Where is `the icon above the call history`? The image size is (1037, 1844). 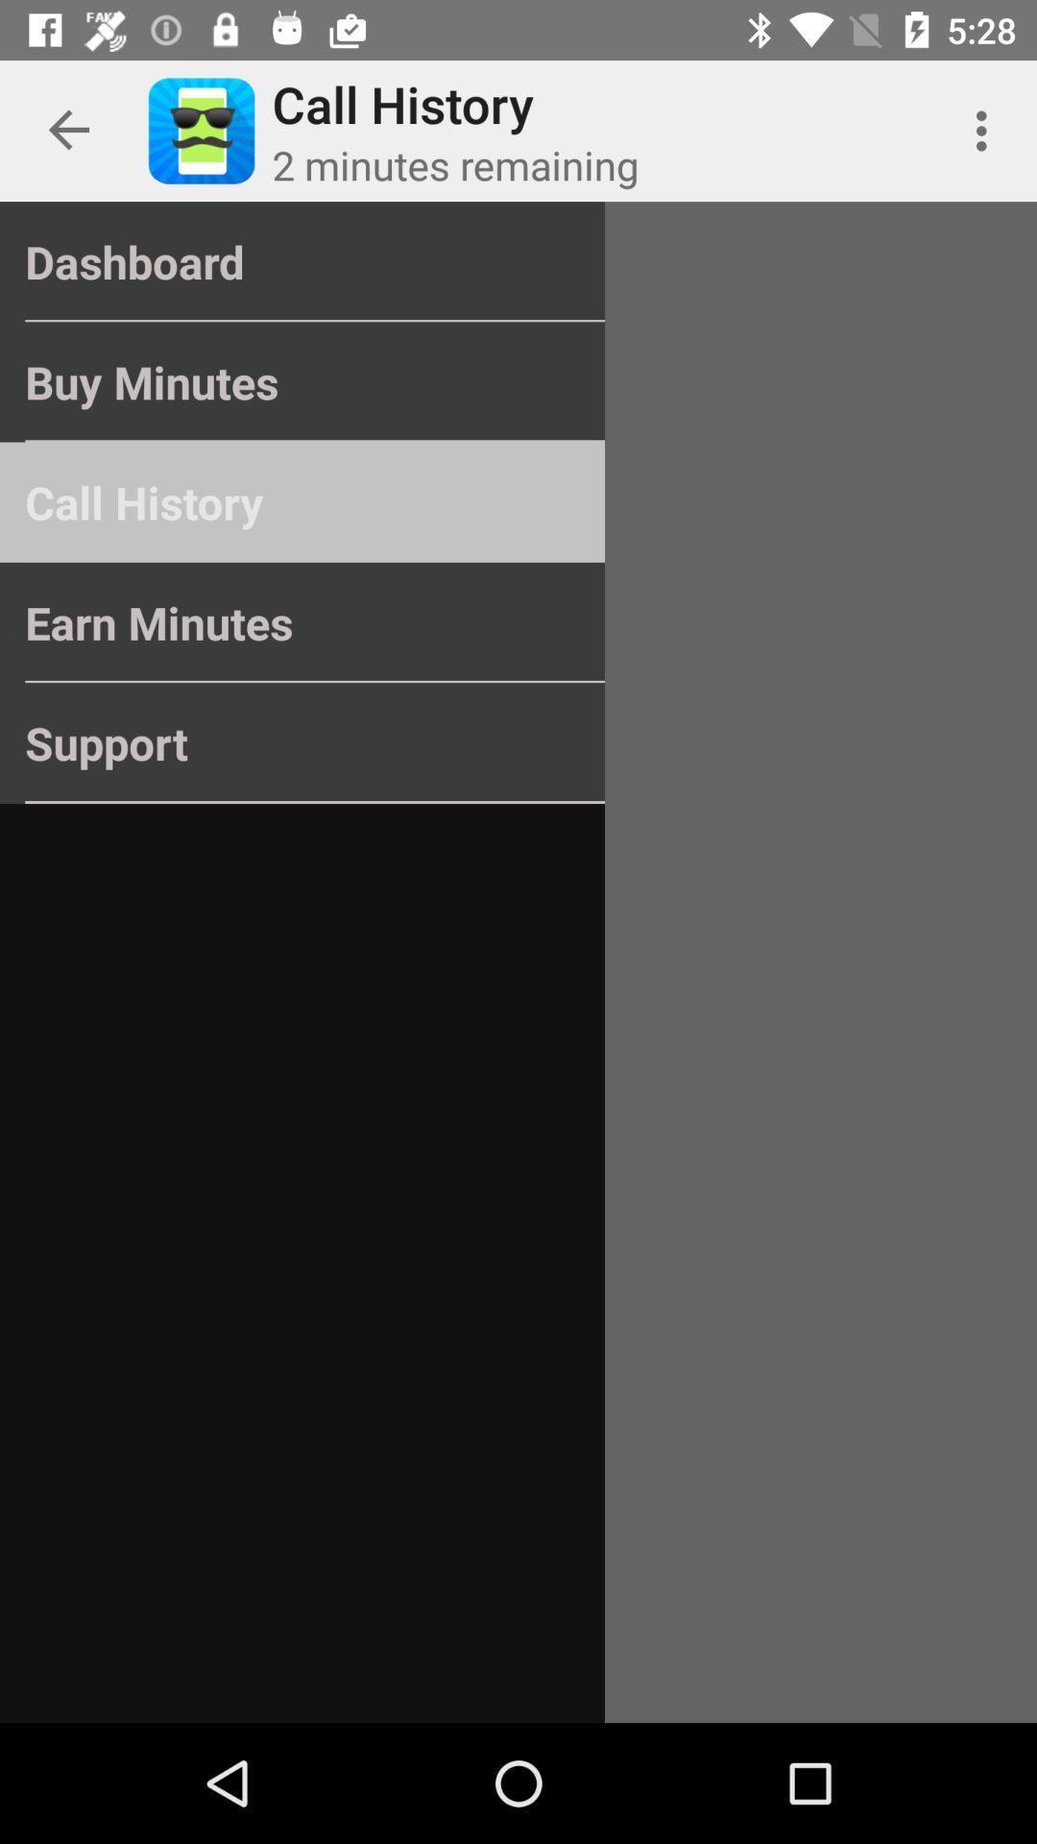
the icon above the call history is located at coordinates (302, 382).